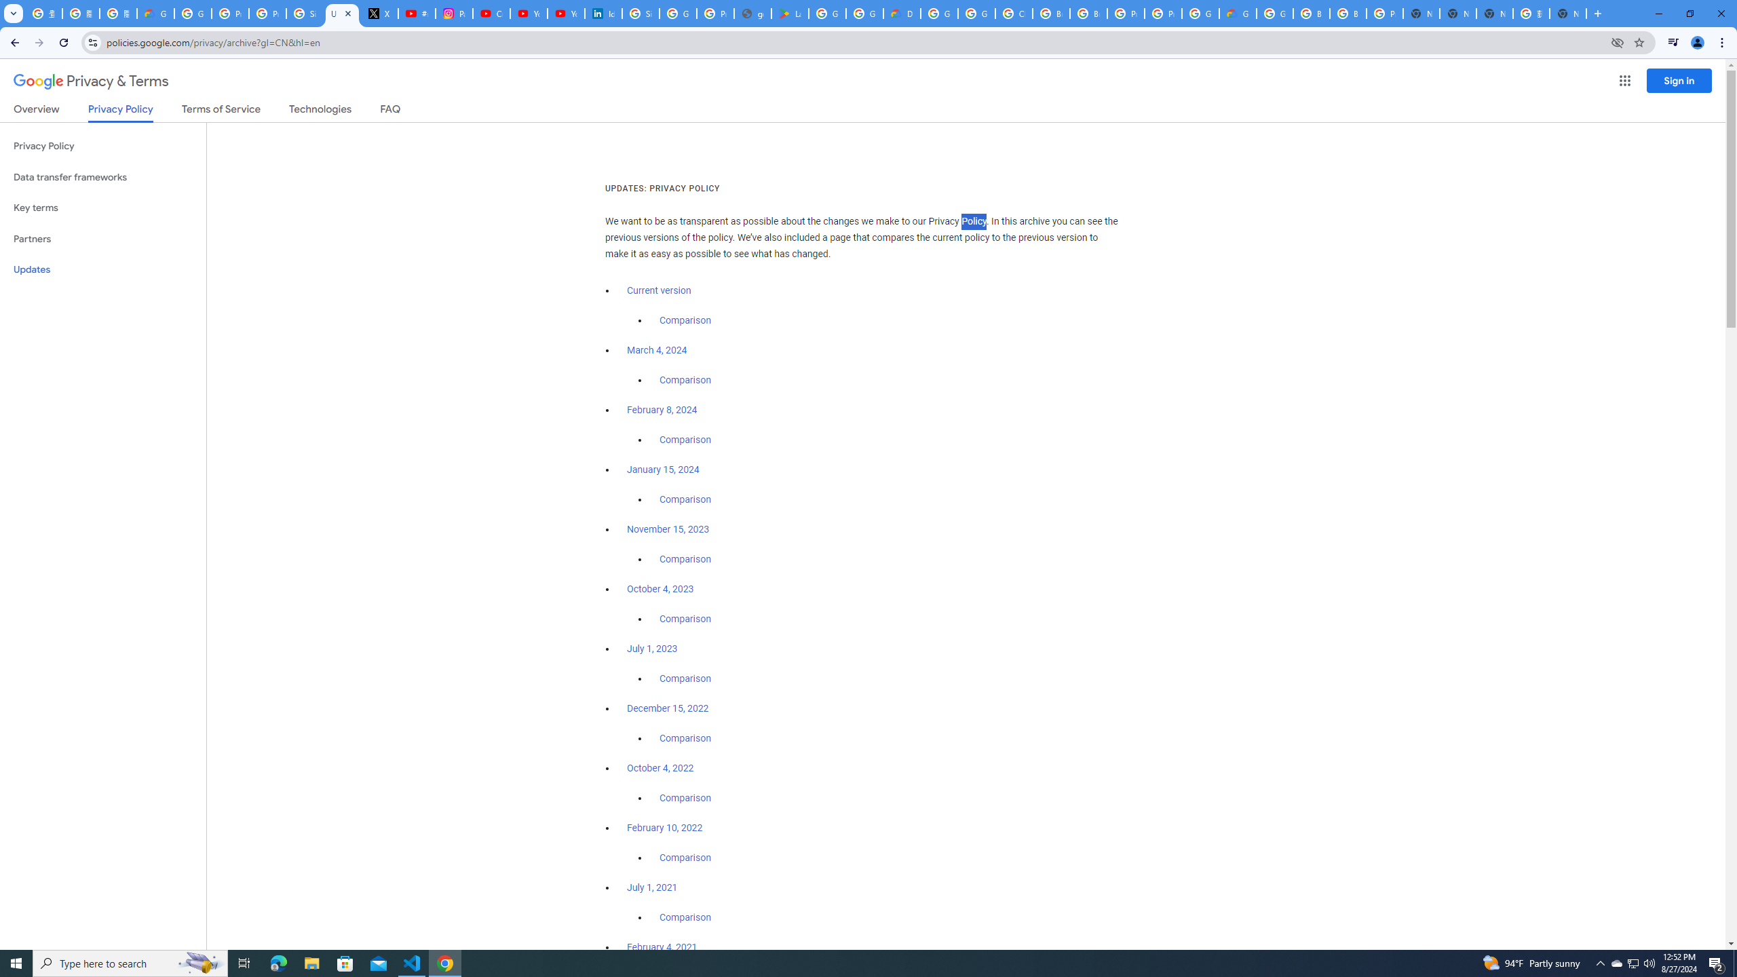  Describe the element at coordinates (658, 290) in the screenshot. I see `'Current version'` at that location.